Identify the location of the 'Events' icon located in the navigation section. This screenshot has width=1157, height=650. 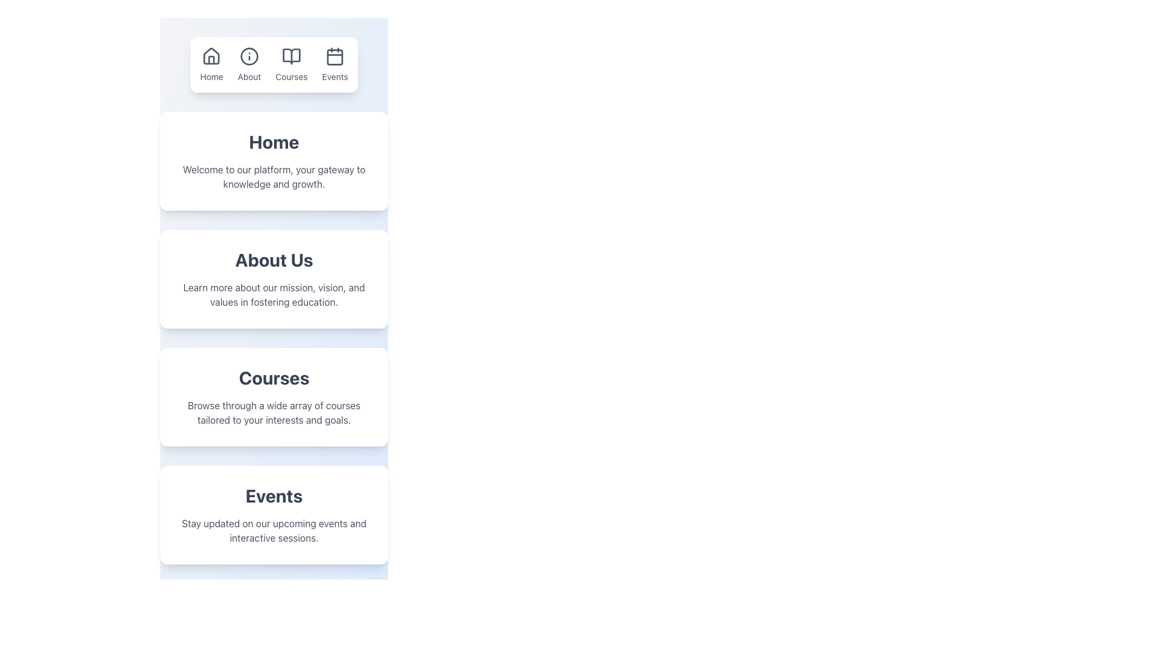
(335, 56).